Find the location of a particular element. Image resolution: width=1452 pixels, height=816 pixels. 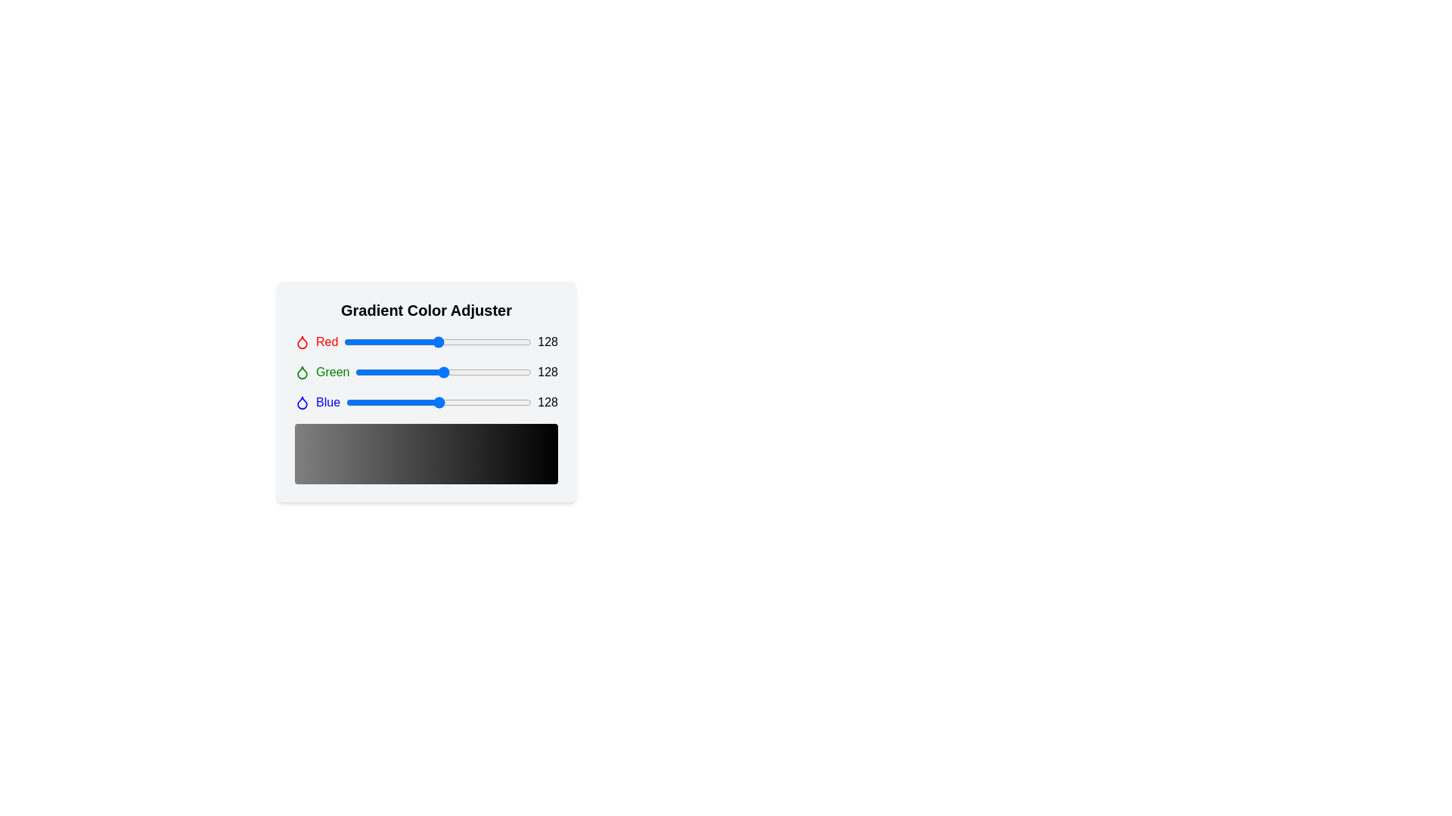

the blue color slider to 215 is located at coordinates (502, 401).